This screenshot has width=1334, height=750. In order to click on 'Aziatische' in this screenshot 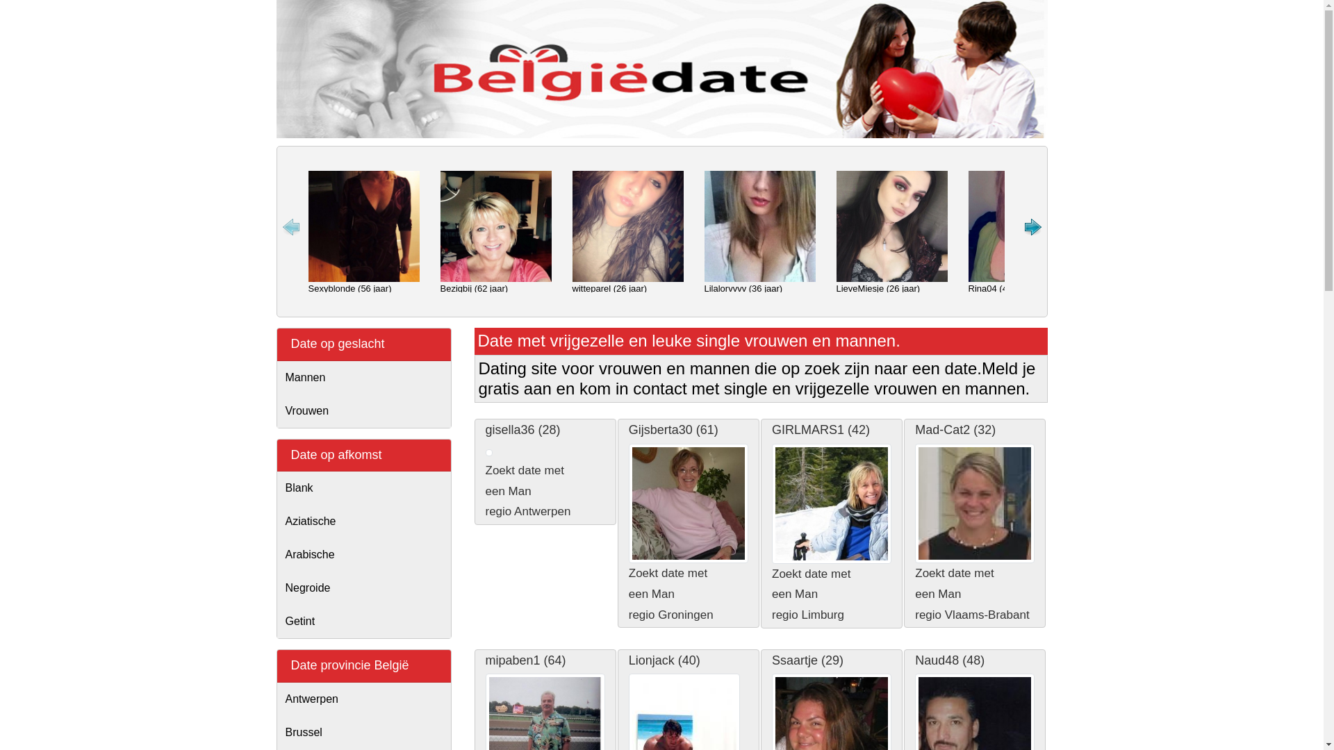, I will do `click(363, 522)`.